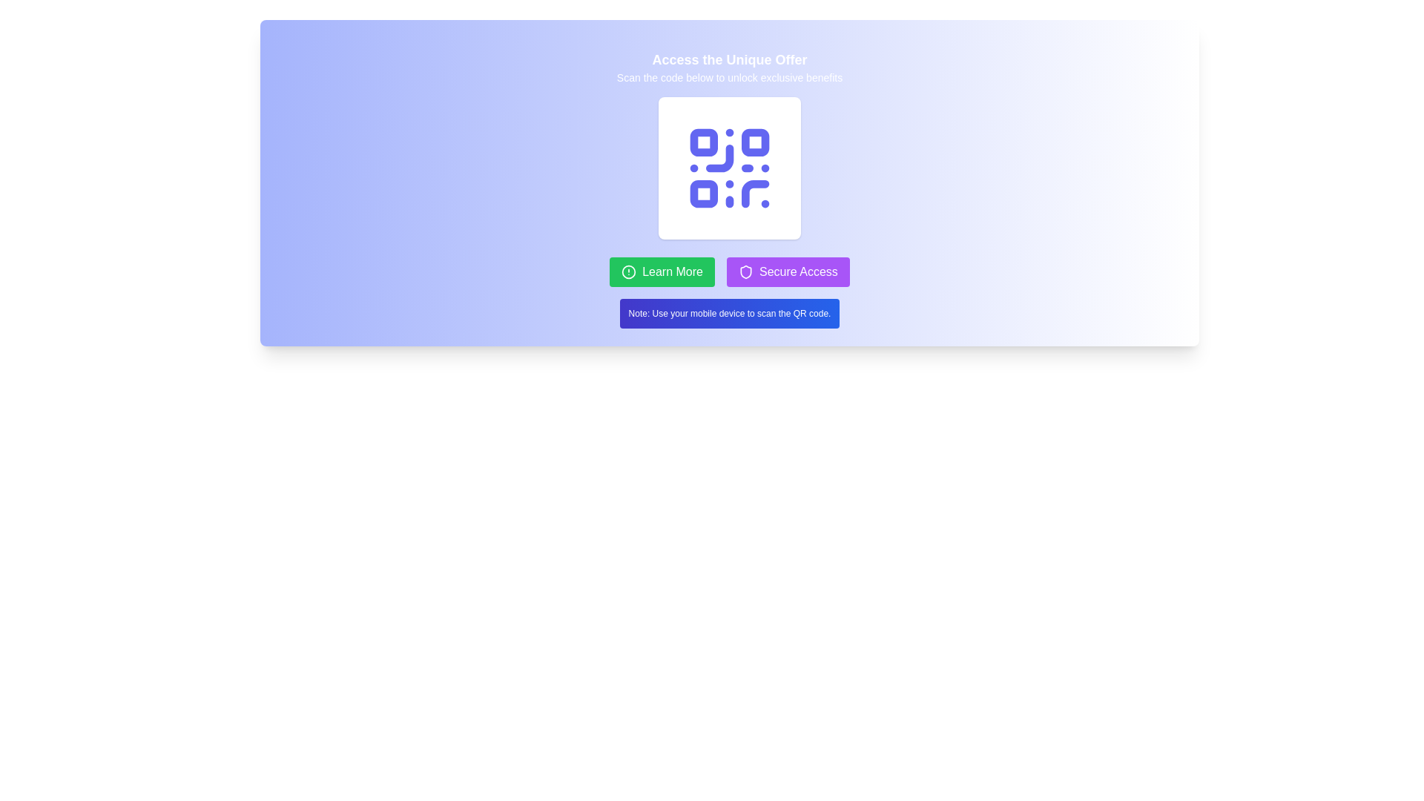 This screenshot has height=801, width=1424. I want to click on the 'Secure Access' button, which has a purple background, white text, and a shield icon, so click(787, 271).